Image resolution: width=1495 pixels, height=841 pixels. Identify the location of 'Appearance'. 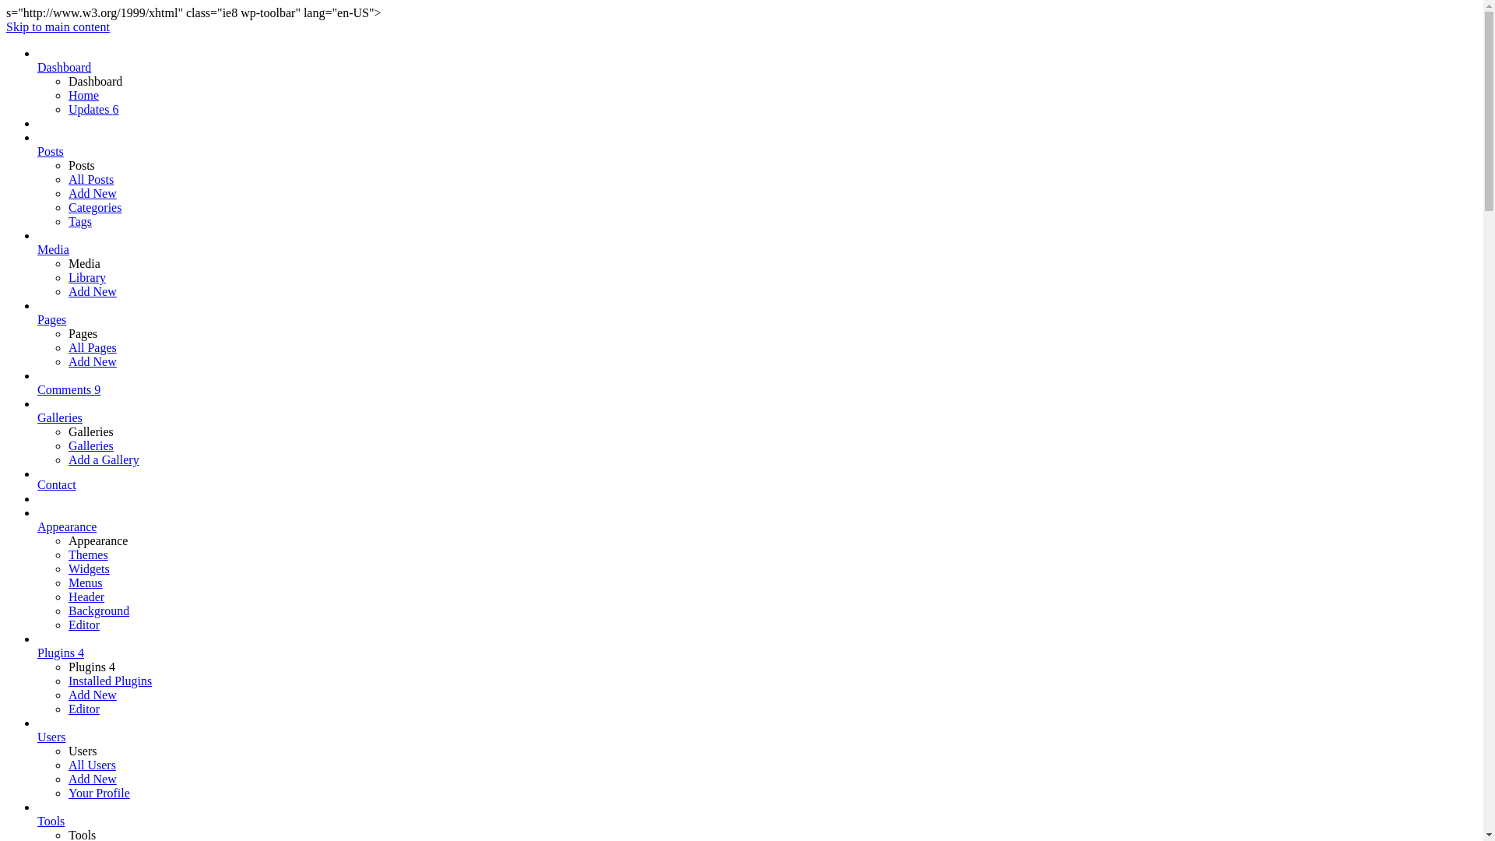
(37, 519).